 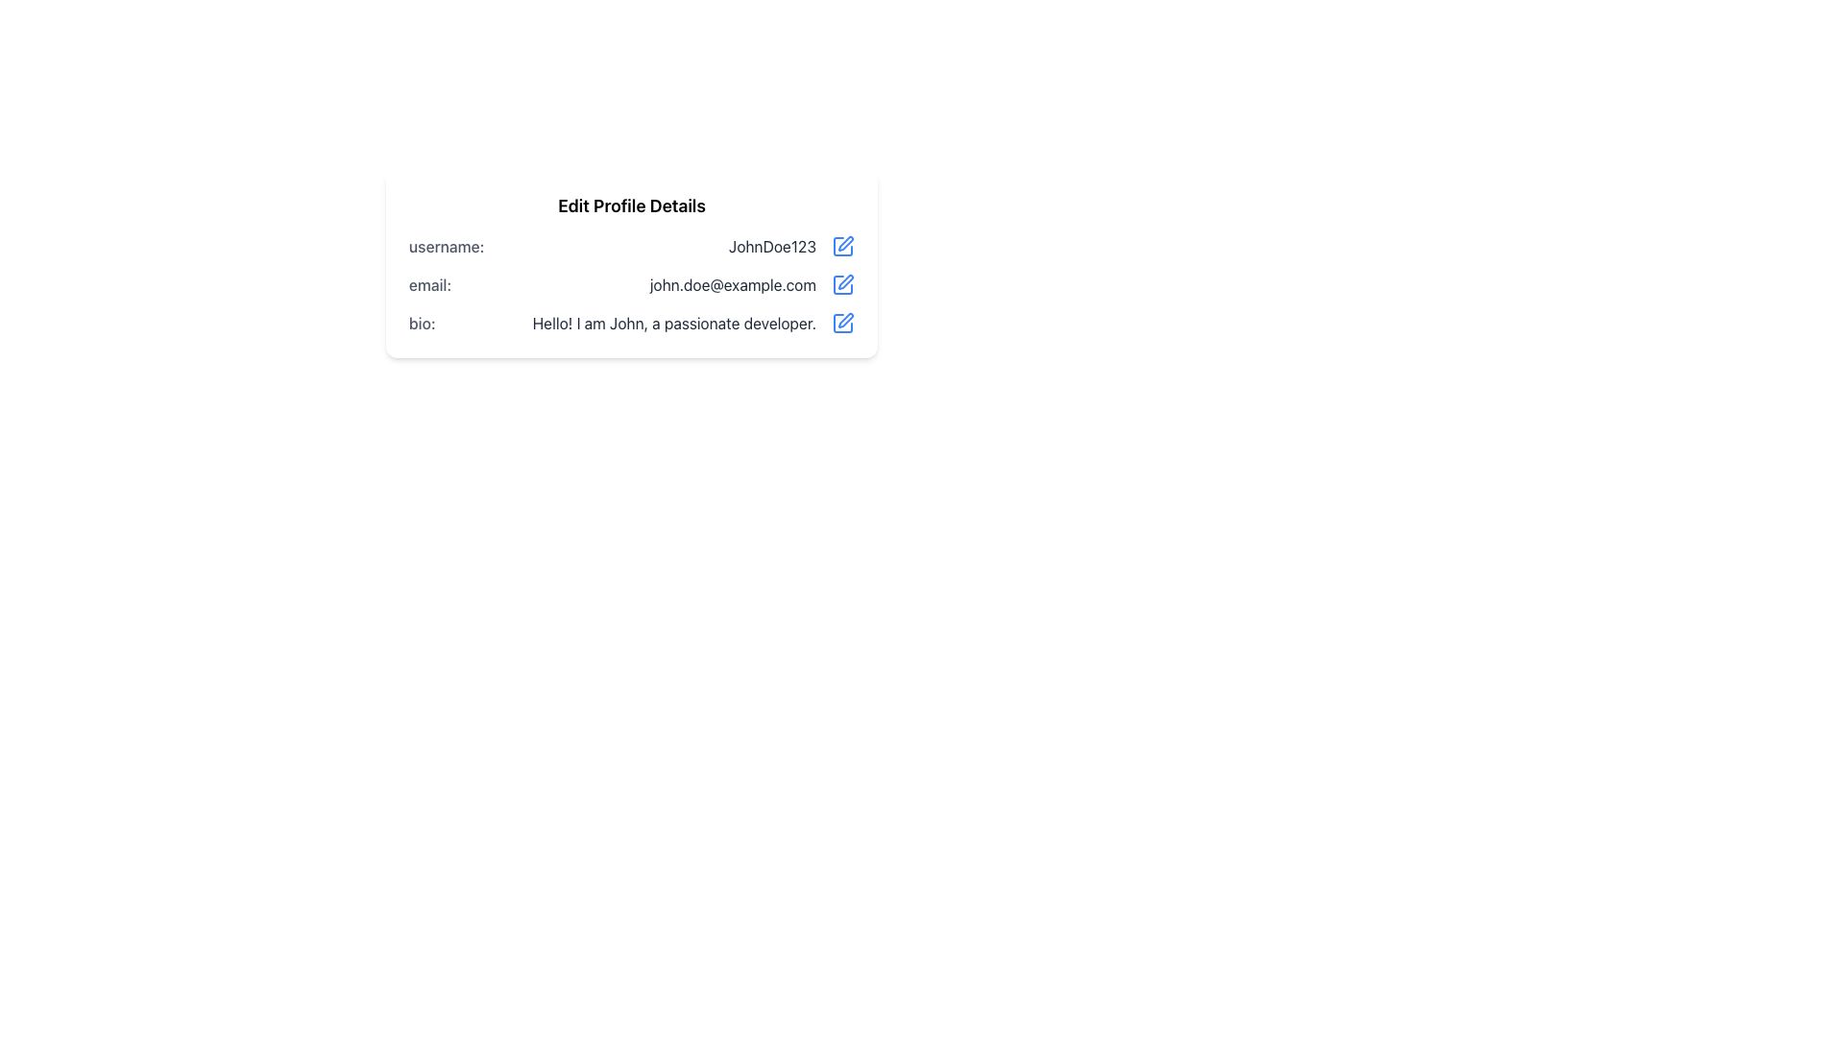 I want to click on the 'bio:' label element that indicates the biography section of the profile, located to the left of the biography content text, so click(x=421, y=322).